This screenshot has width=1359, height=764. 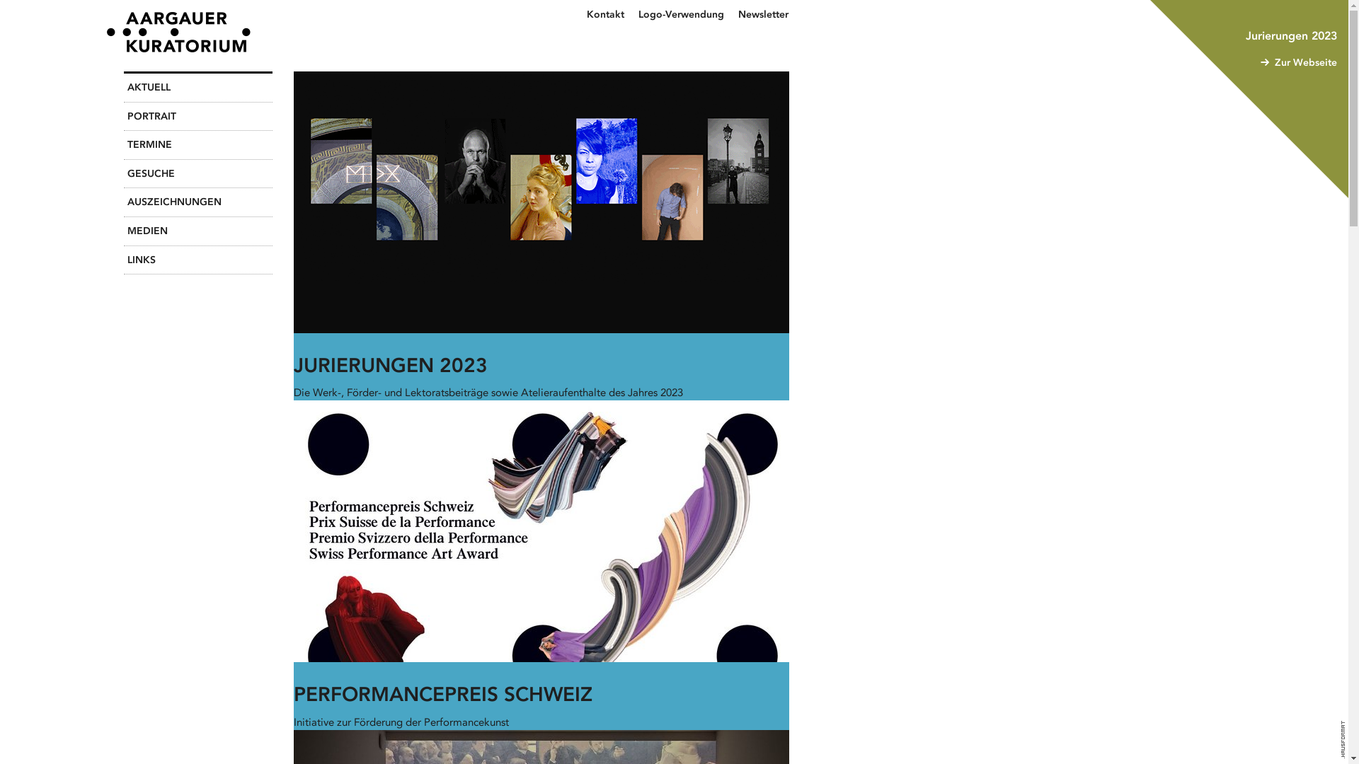 What do you see at coordinates (737, 16) in the screenshot?
I see `'Newsletter'` at bounding box center [737, 16].